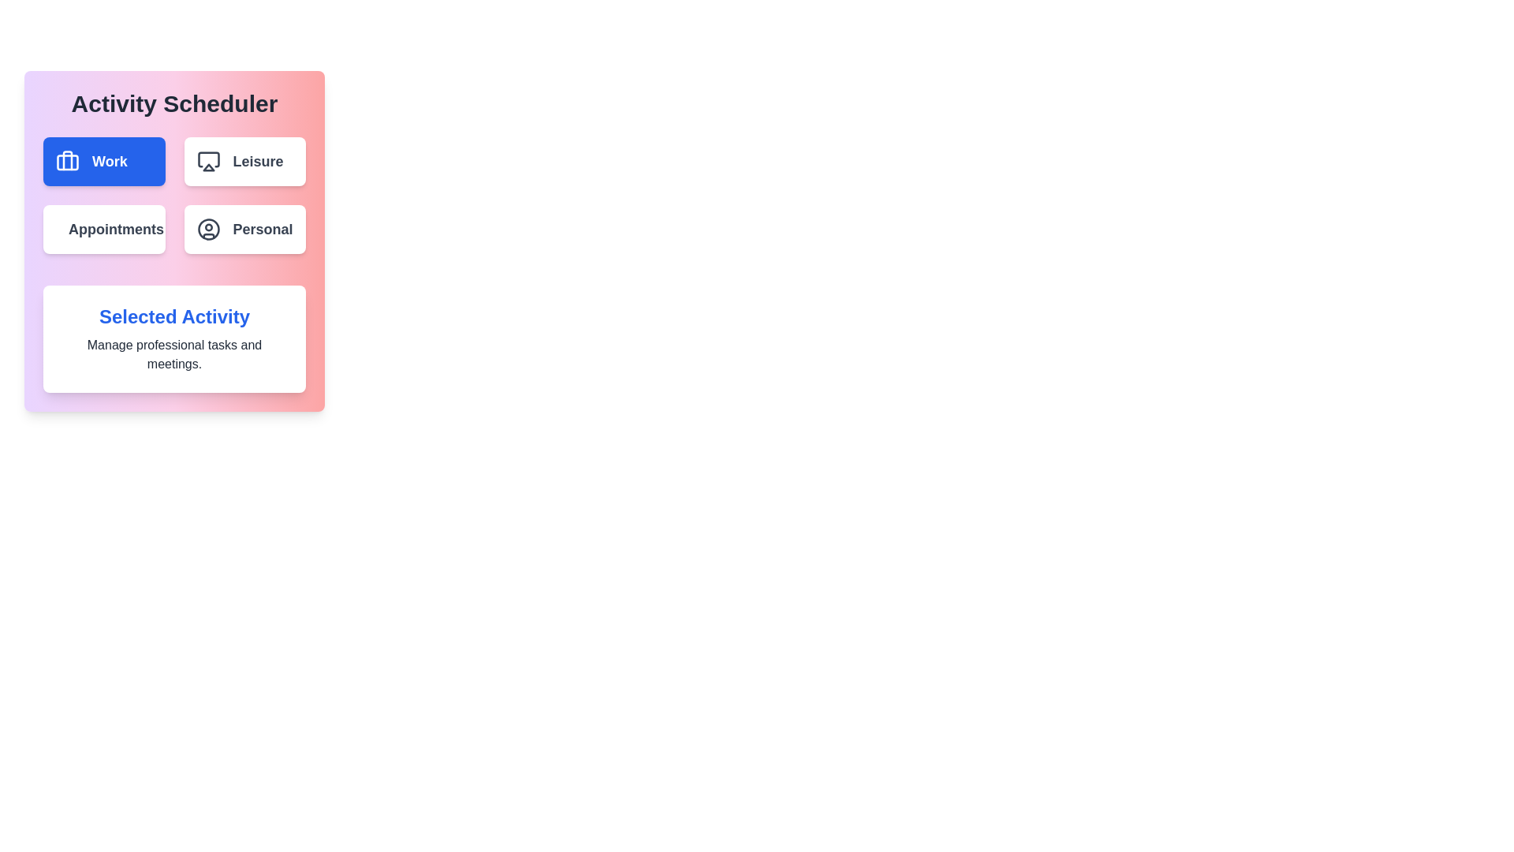 The image size is (1514, 852). What do you see at coordinates (103, 161) in the screenshot?
I see `the 'Work' button with a blue background and a briefcase icon in the 'Activity Scheduler' layout` at bounding box center [103, 161].